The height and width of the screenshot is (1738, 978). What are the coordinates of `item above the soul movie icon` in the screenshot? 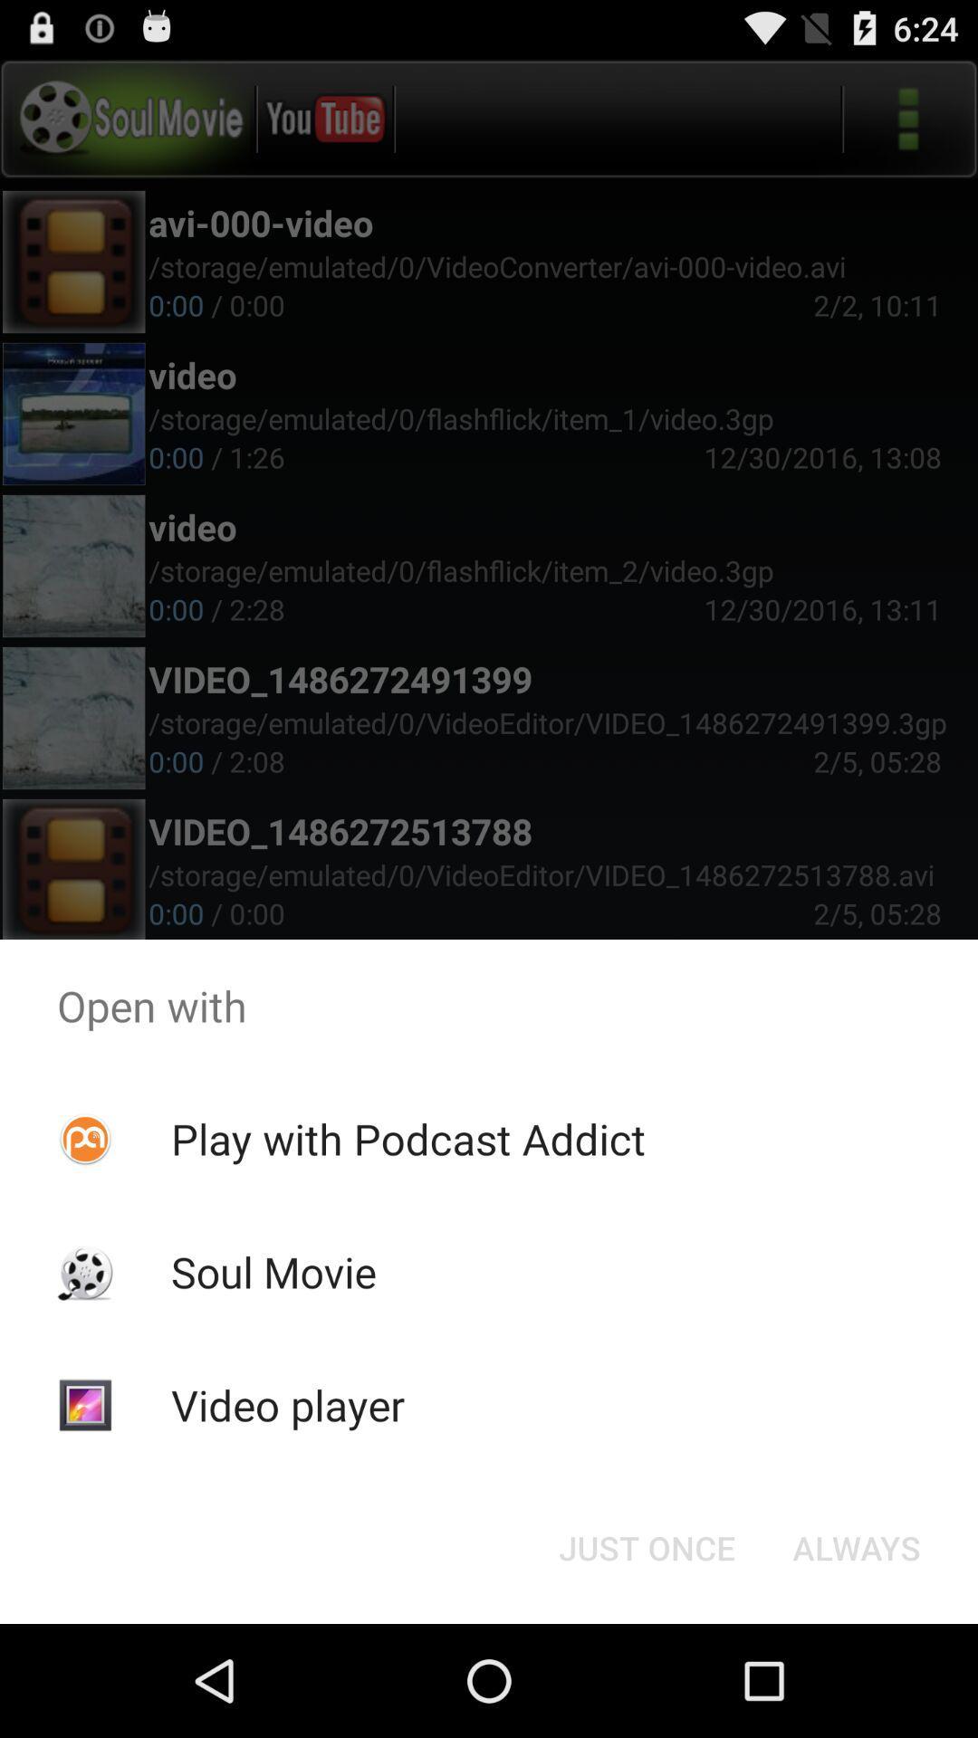 It's located at (408, 1138).